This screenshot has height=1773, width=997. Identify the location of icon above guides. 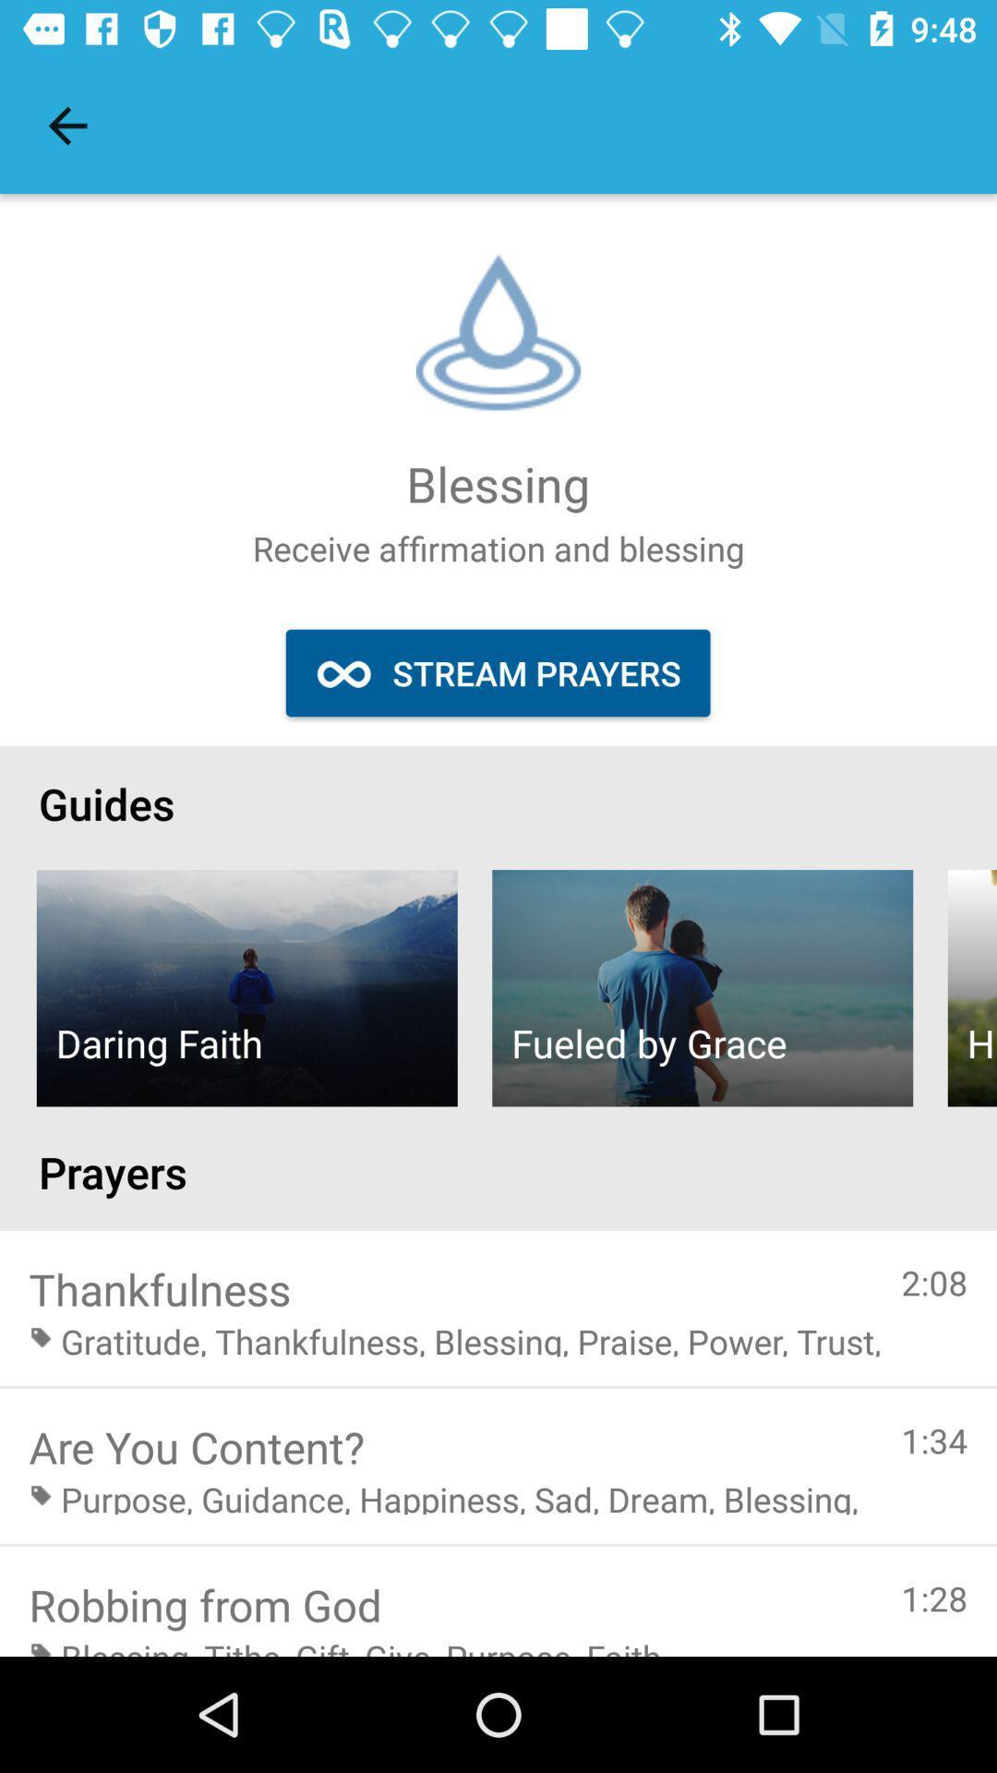
(497, 672).